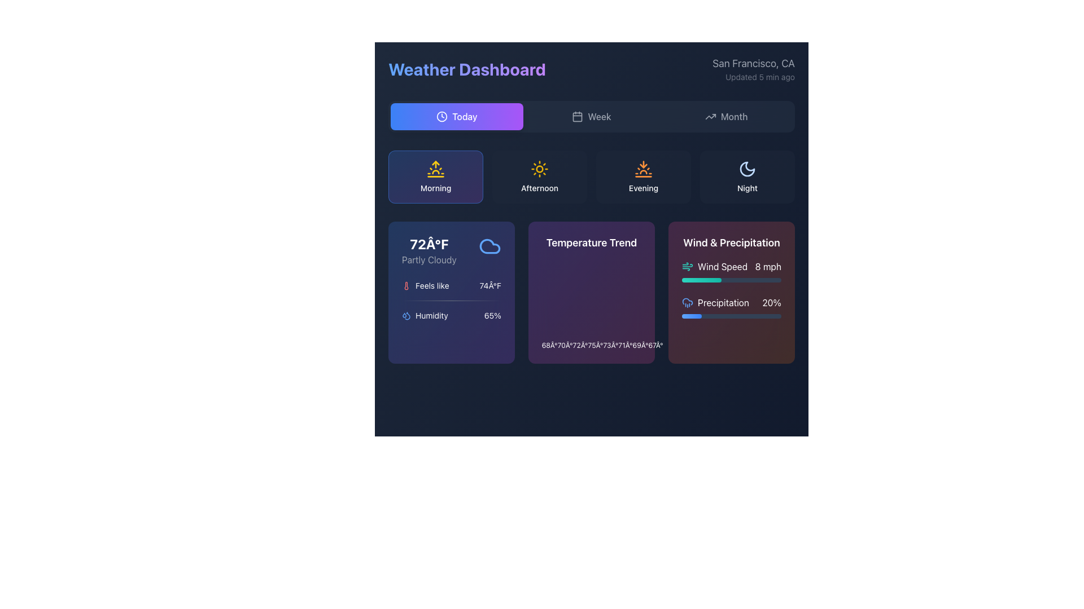 The image size is (1084, 609). Describe the element at coordinates (591, 304) in the screenshot. I see `the Data visualization component representing temperature trends, located within the 'Temperature Trend' box, positioned between the '72°F Partly Cloudy' section and the 'Wind & Precipitation' section` at that location.